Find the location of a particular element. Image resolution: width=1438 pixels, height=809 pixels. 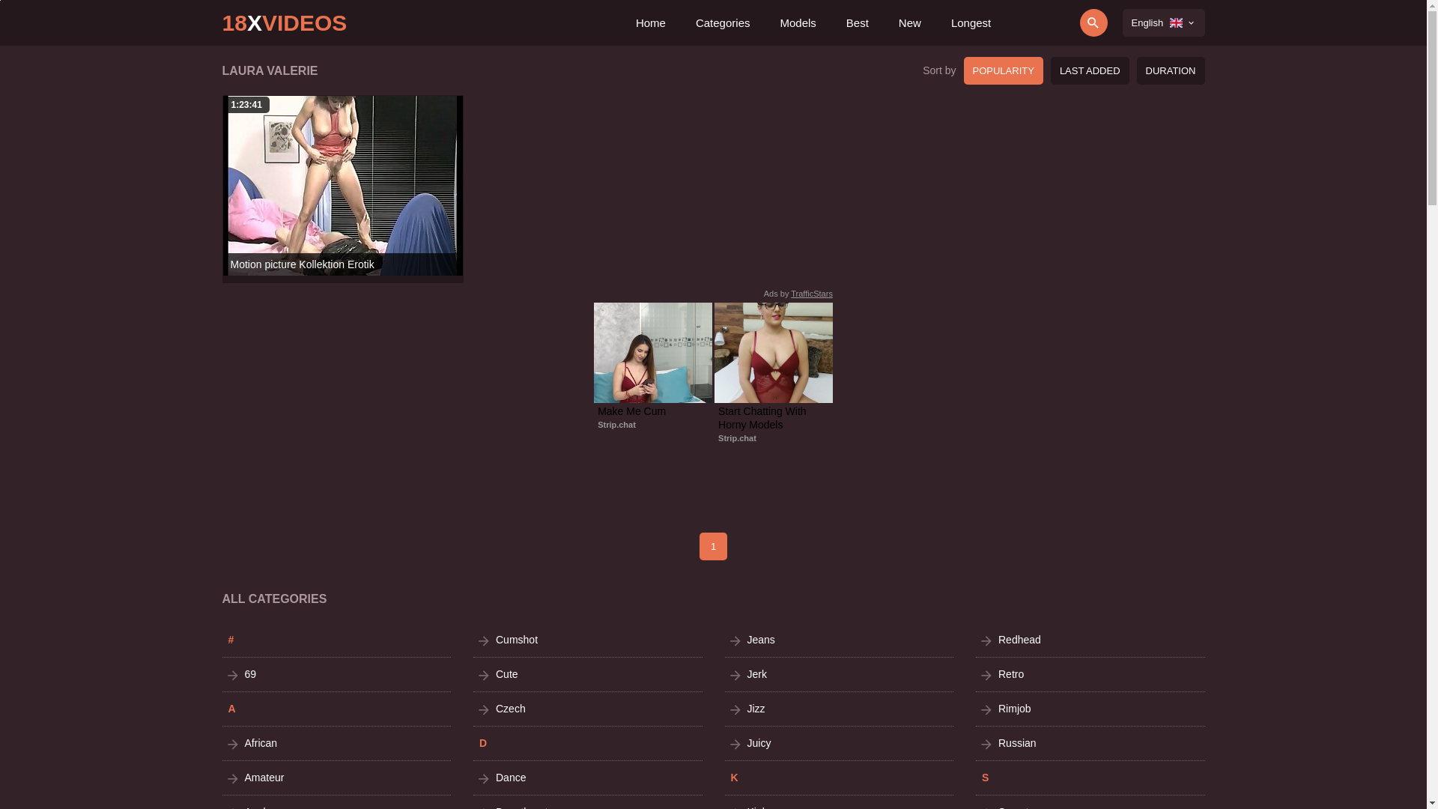

'POPULARITY' is located at coordinates (1003, 70).